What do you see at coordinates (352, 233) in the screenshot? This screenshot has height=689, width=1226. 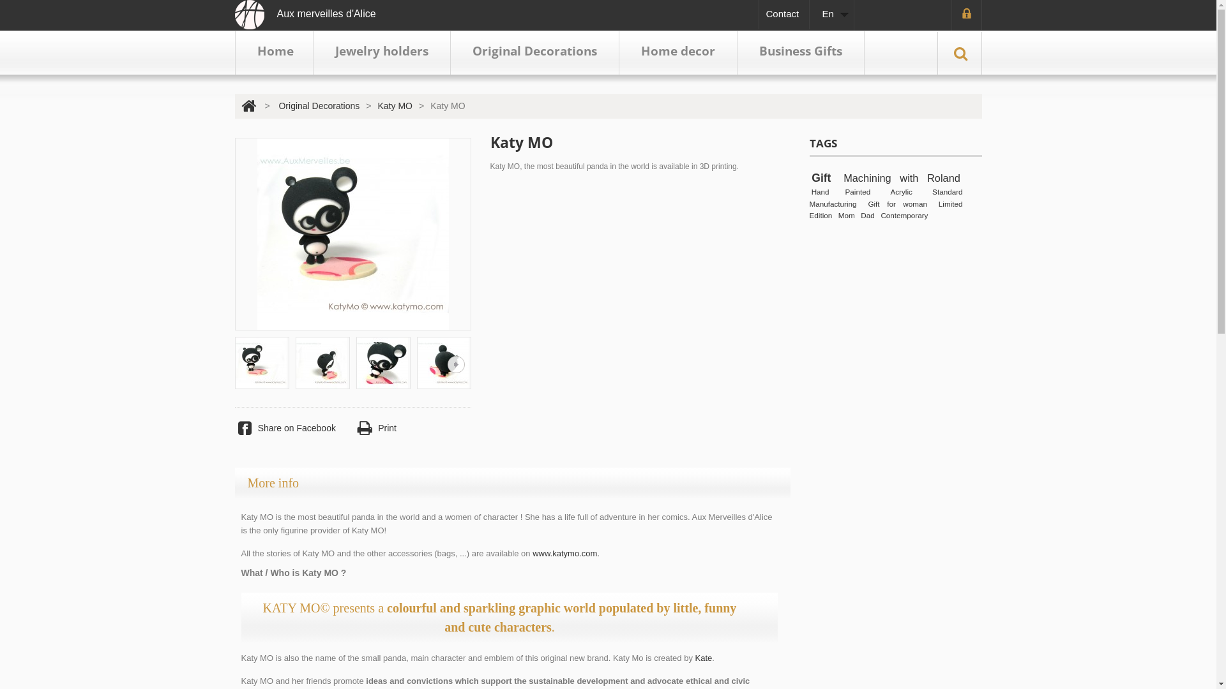 I see `'Katy MO'` at bounding box center [352, 233].